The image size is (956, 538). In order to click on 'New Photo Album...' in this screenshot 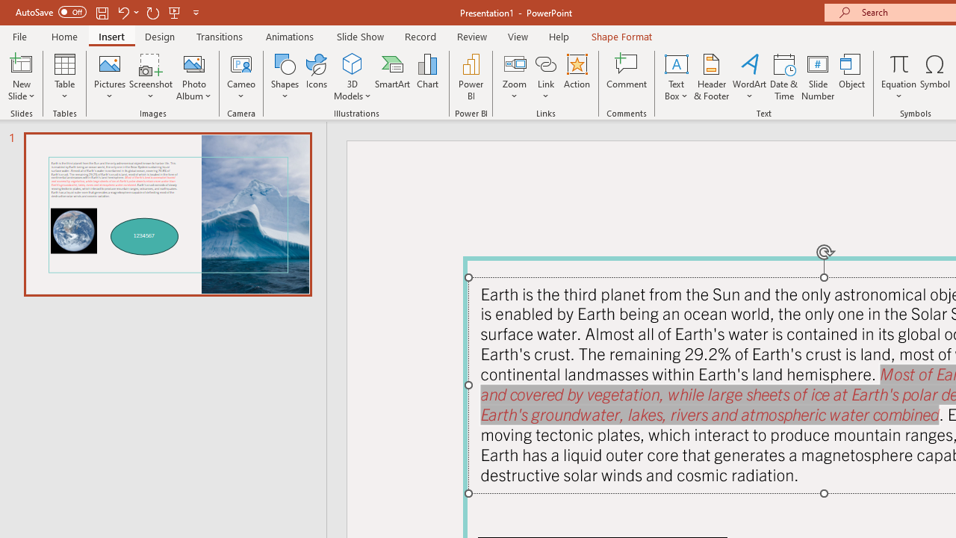, I will do `click(193, 63)`.